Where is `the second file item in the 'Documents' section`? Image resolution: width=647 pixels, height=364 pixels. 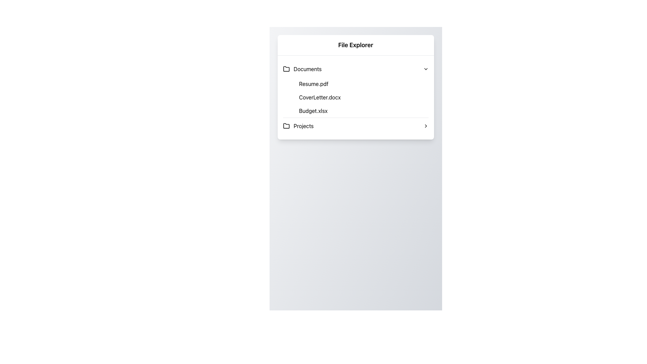 the second file item in the 'Documents' section is located at coordinates (361, 97).